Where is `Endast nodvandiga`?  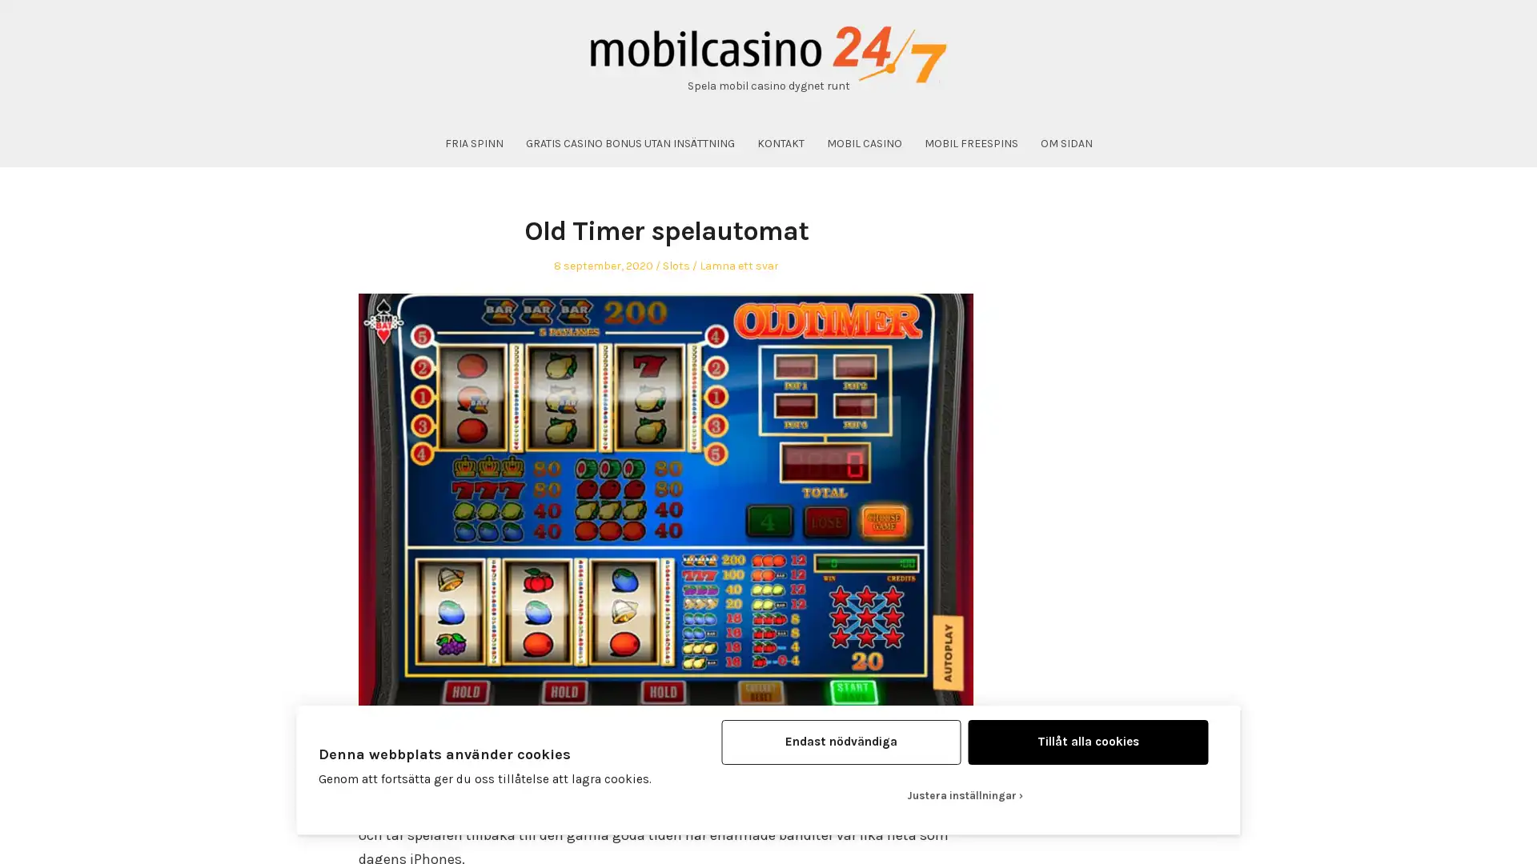 Endast nodvandiga is located at coordinates (840, 741).